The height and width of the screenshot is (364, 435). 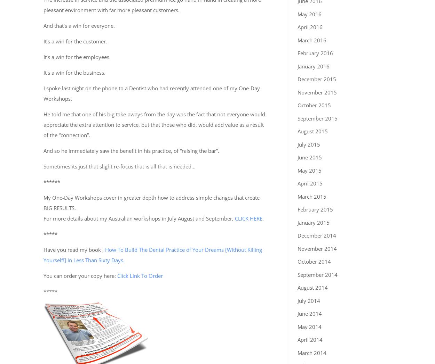 What do you see at coordinates (79, 25) in the screenshot?
I see `'And that’s a win for everyone.'` at bounding box center [79, 25].